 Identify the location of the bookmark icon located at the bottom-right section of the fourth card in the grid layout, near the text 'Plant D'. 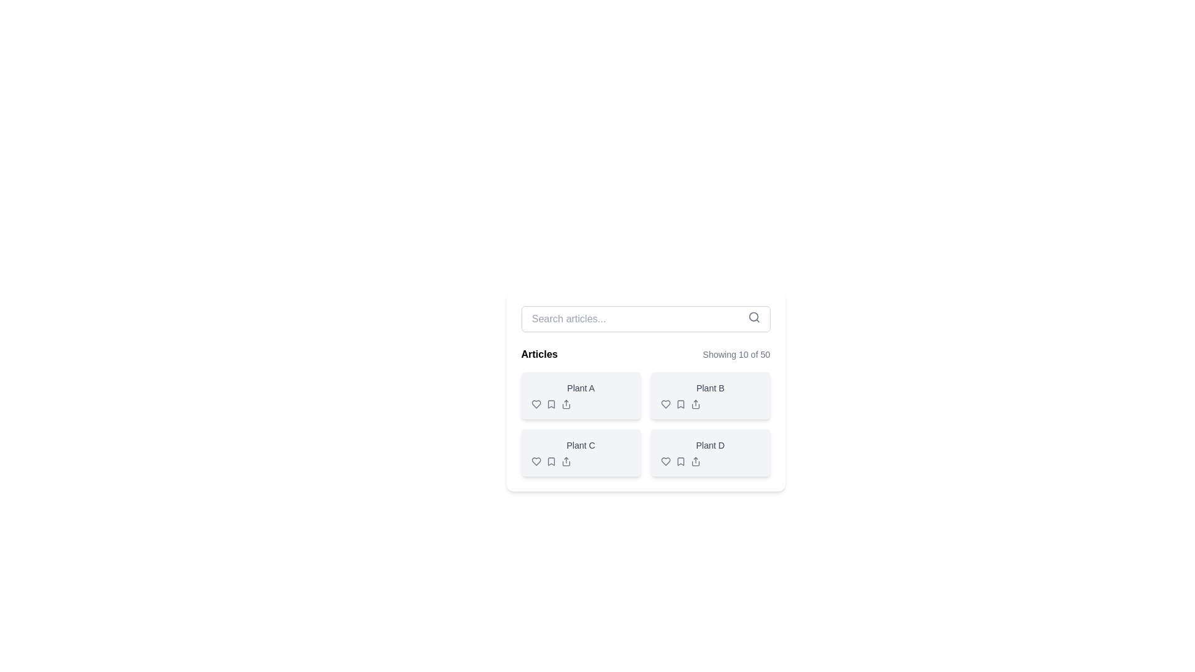
(680, 461).